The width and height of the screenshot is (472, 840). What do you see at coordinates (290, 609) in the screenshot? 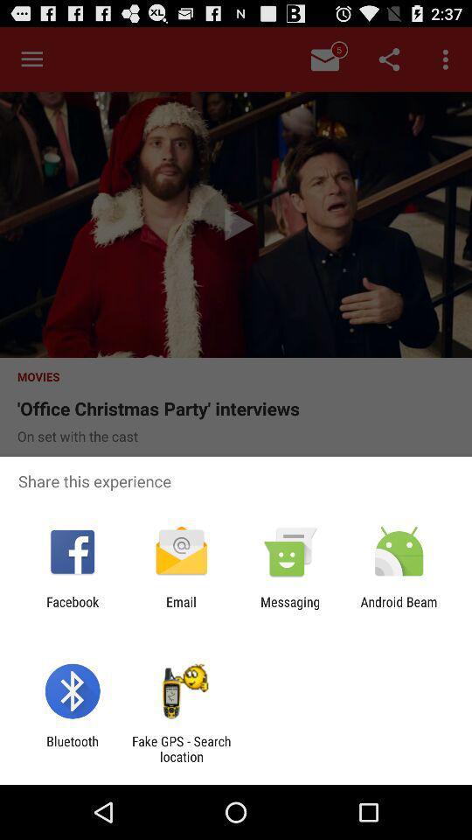
I see `the icon next to email` at bounding box center [290, 609].